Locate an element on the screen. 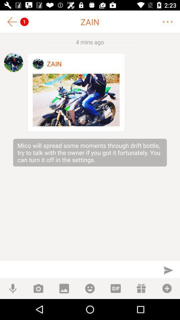 The image size is (180, 320). gifs section is located at coordinates (115, 288).